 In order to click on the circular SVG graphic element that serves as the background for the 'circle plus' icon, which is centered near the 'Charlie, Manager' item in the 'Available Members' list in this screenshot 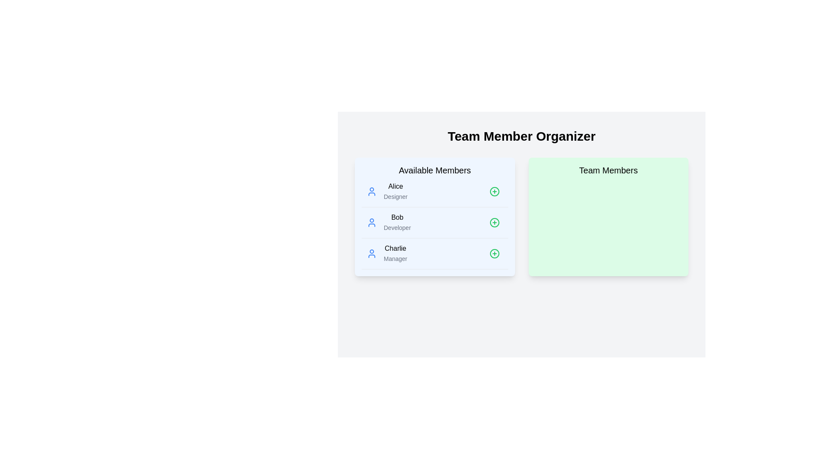, I will do `click(494, 253)`.